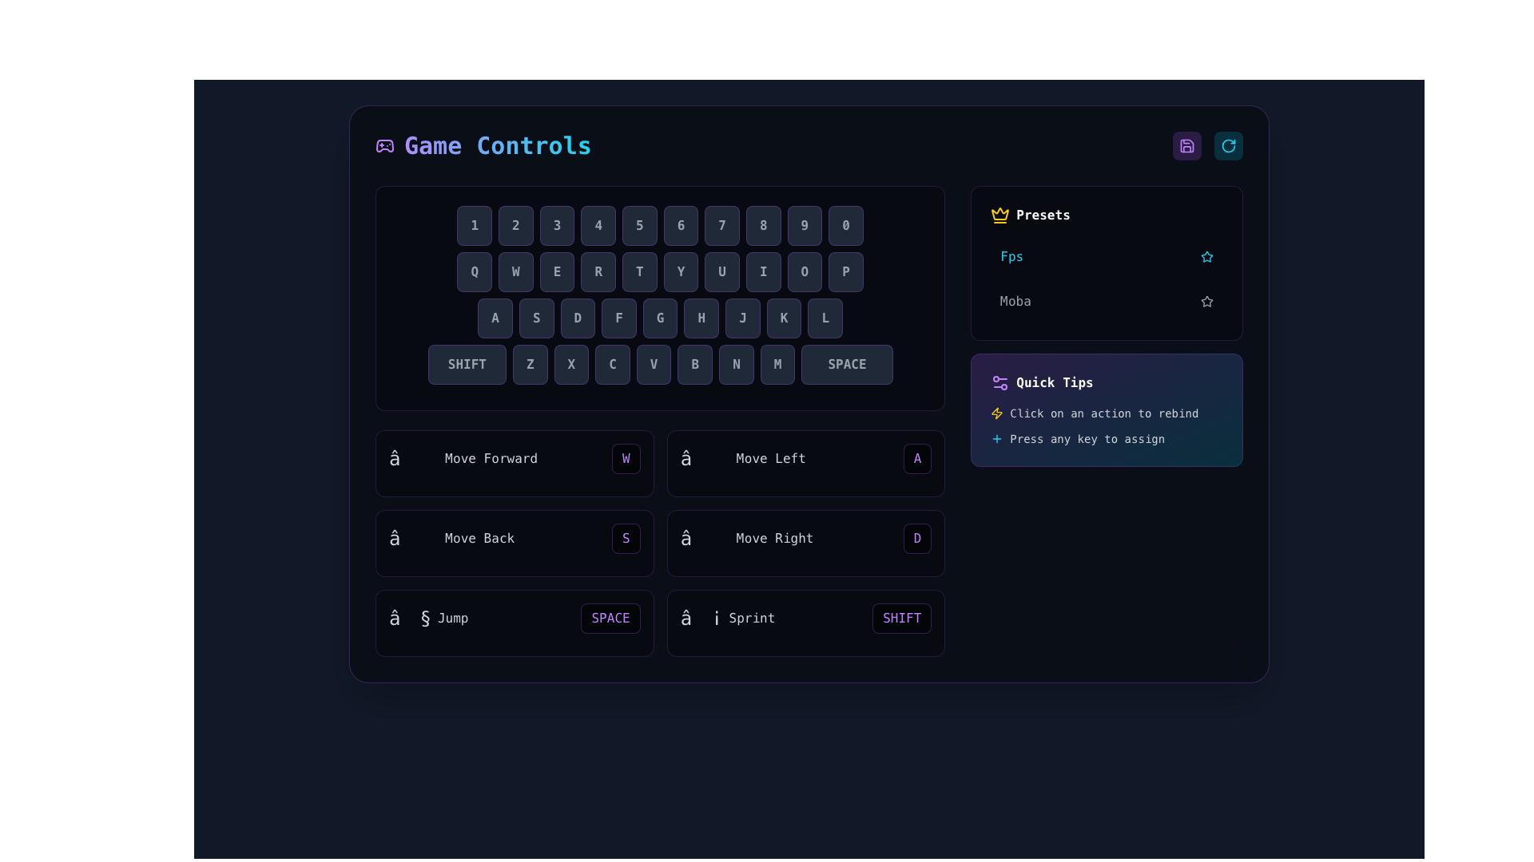 The width and height of the screenshot is (1534, 862). Describe the element at coordinates (557, 225) in the screenshot. I see `the square-shaped button displaying the number '3', located in the third position of the top row of buttons in a keyboard-like layout` at that location.